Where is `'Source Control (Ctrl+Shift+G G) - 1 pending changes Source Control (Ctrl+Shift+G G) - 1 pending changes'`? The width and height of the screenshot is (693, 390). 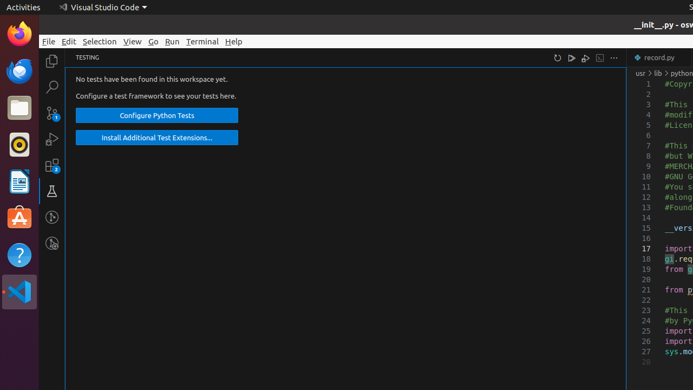 'Source Control (Ctrl+Shift+G G) - 1 pending changes Source Control (Ctrl+Shift+G G) - 1 pending changes' is located at coordinates (51, 113).